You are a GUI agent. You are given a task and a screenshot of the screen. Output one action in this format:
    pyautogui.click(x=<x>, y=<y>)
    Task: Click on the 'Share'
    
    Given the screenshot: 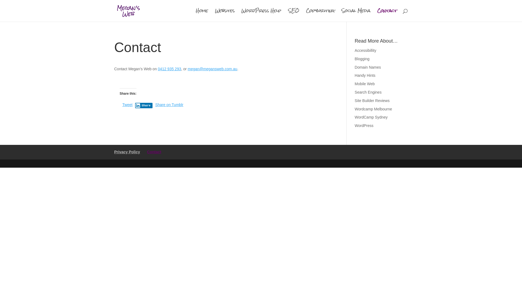 What is the action you would take?
    pyautogui.click(x=135, y=106)
    